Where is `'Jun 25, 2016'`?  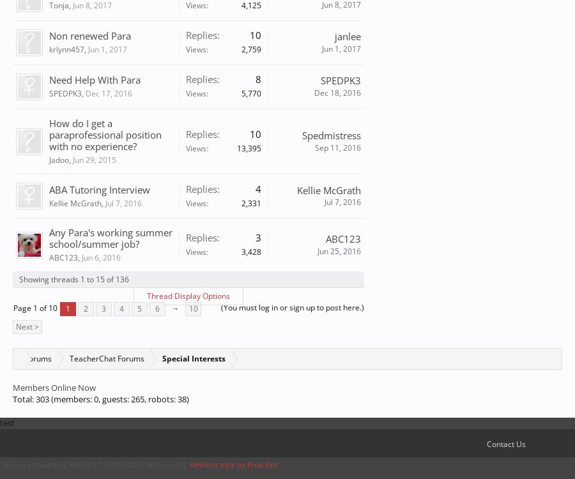 'Jun 25, 2016' is located at coordinates (339, 250).